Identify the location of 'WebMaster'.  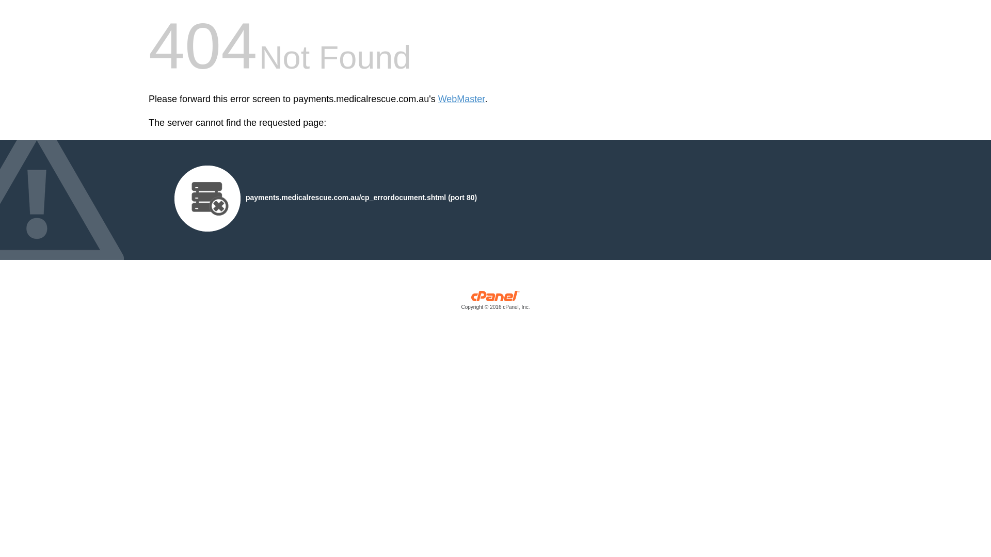
(461, 99).